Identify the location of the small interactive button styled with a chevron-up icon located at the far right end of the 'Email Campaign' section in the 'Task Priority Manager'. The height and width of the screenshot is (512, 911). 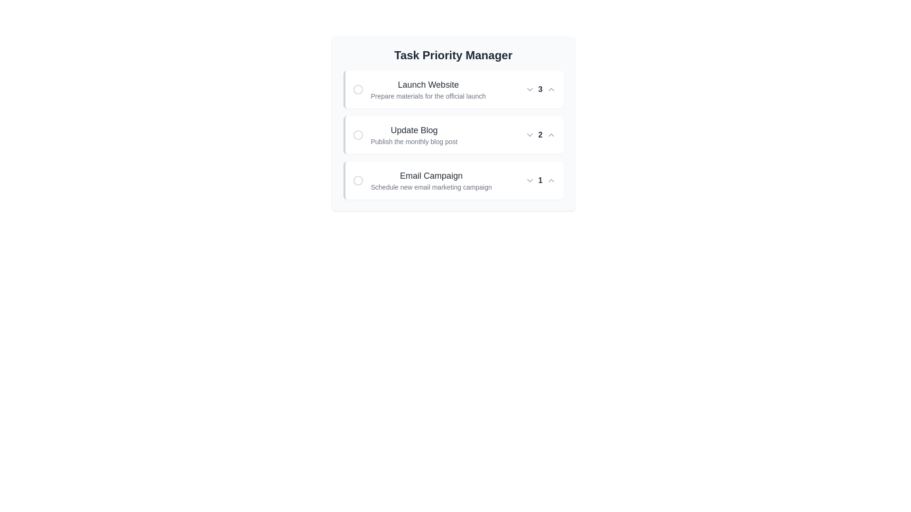
(551, 181).